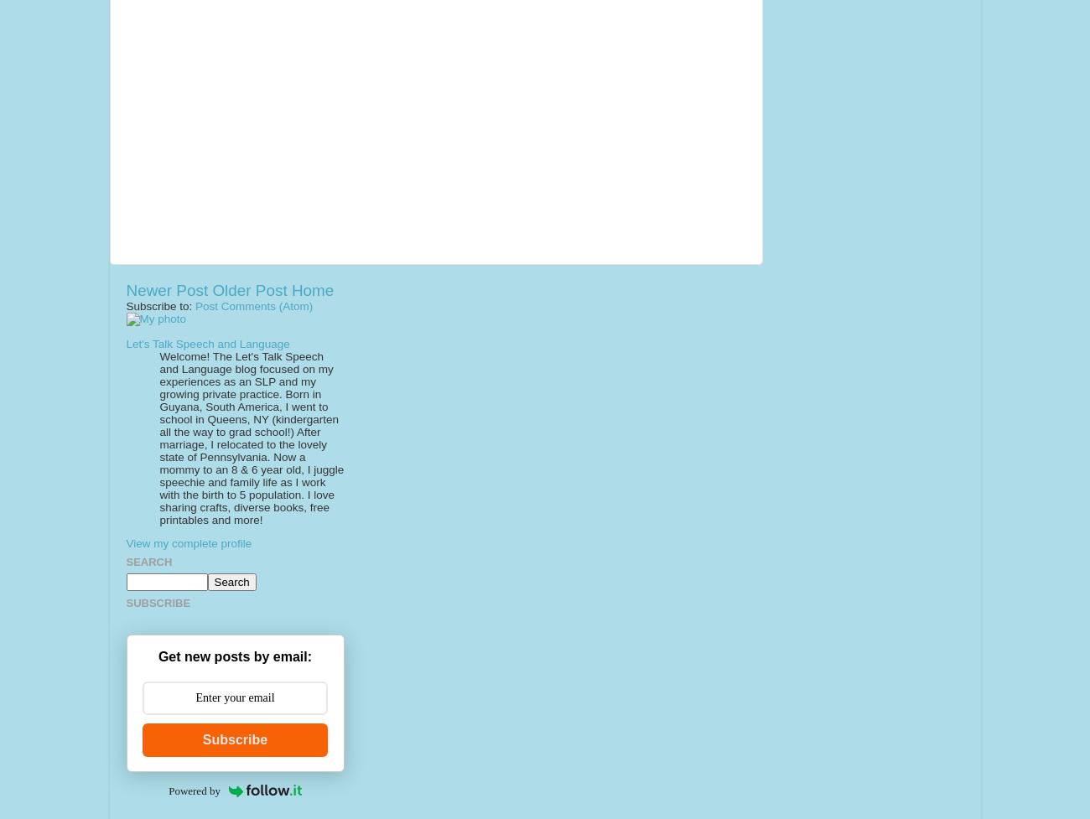  What do you see at coordinates (148, 561) in the screenshot?
I see `'Search'` at bounding box center [148, 561].